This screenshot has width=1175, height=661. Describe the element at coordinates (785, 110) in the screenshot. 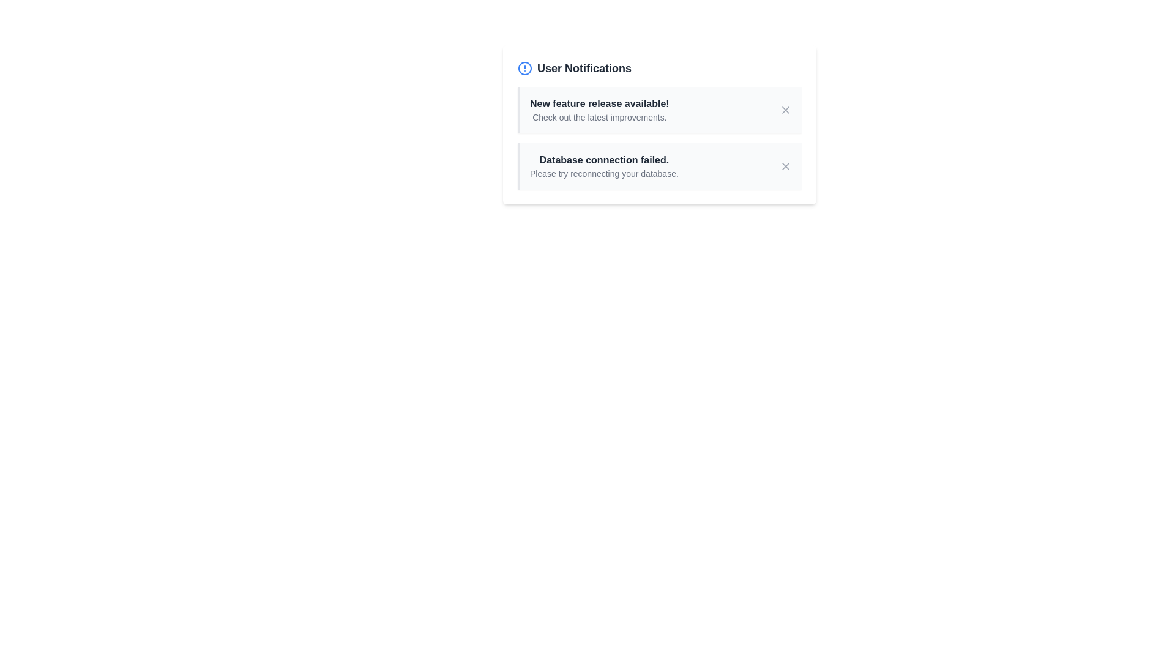

I see `the 'X' icon button located at the far right of the notification bar for dismissing the 'New feature release available!' message` at that location.